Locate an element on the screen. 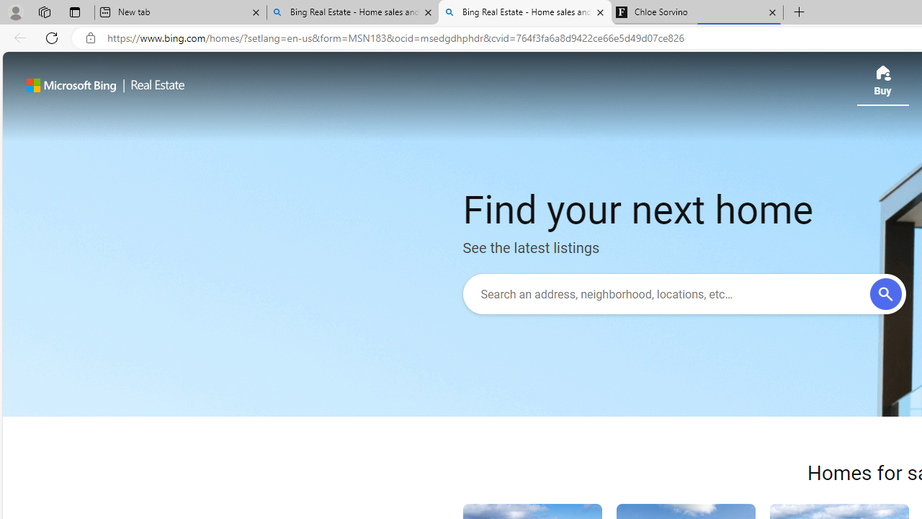 Image resolution: width=922 pixels, height=519 pixels. 'Buy' is located at coordinates (882, 85).